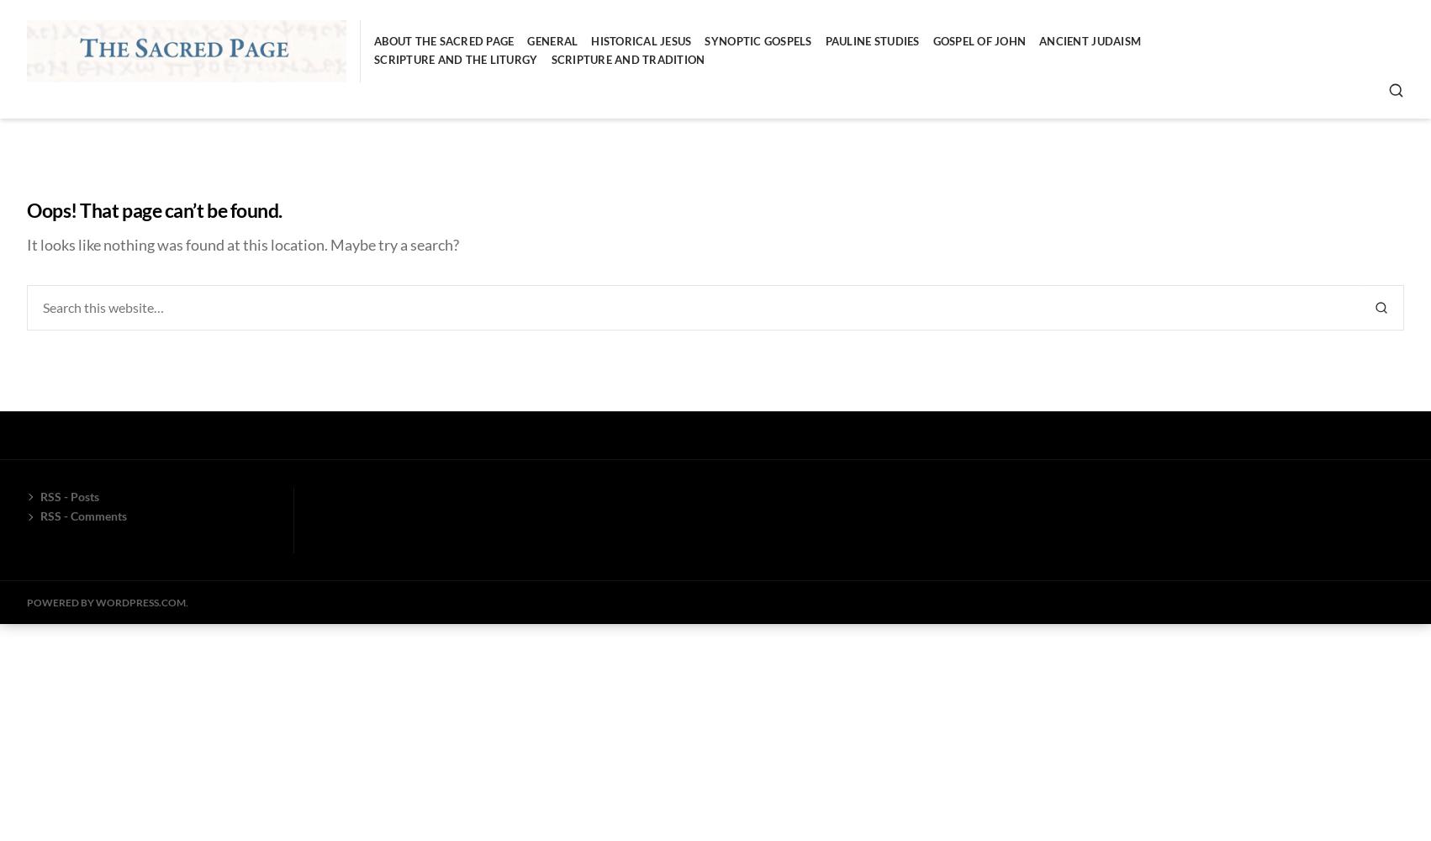 The width and height of the screenshot is (1431, 841). Describe the element at coordinates (758, 41) in the screenshot. I see `'Synoptic Gospels'` at that location.